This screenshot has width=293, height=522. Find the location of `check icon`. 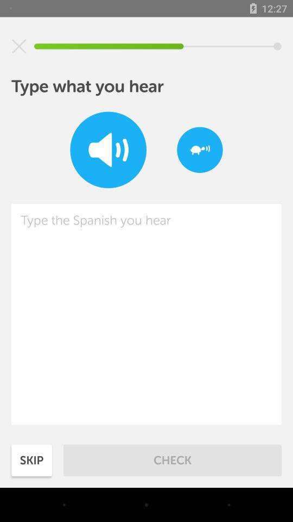

check icon is located at coordinates (173, 459).